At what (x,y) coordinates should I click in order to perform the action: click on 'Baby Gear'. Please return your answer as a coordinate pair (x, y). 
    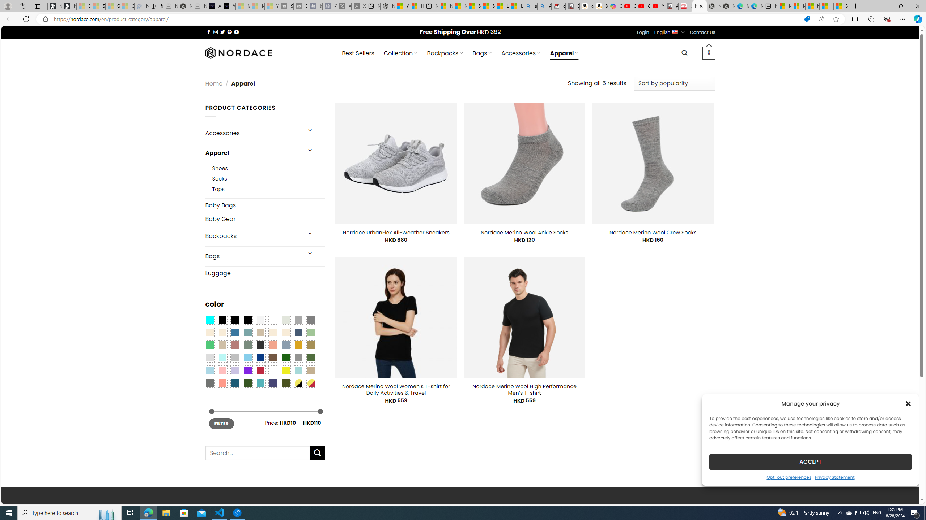
    Looking at the image, I should click on (264, 218).